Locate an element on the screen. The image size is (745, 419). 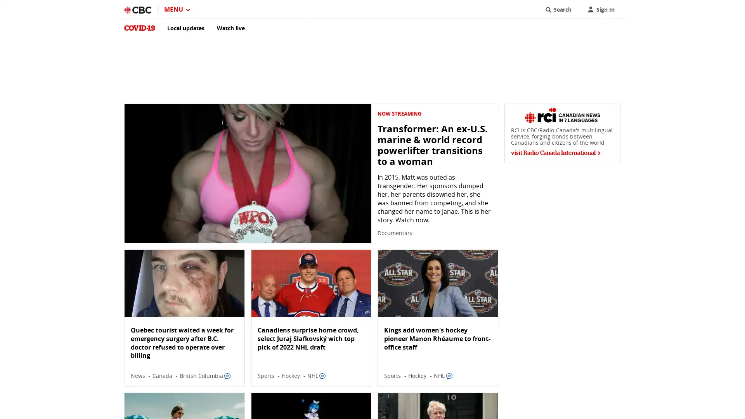
MENU is located at coordinates (177, 9).